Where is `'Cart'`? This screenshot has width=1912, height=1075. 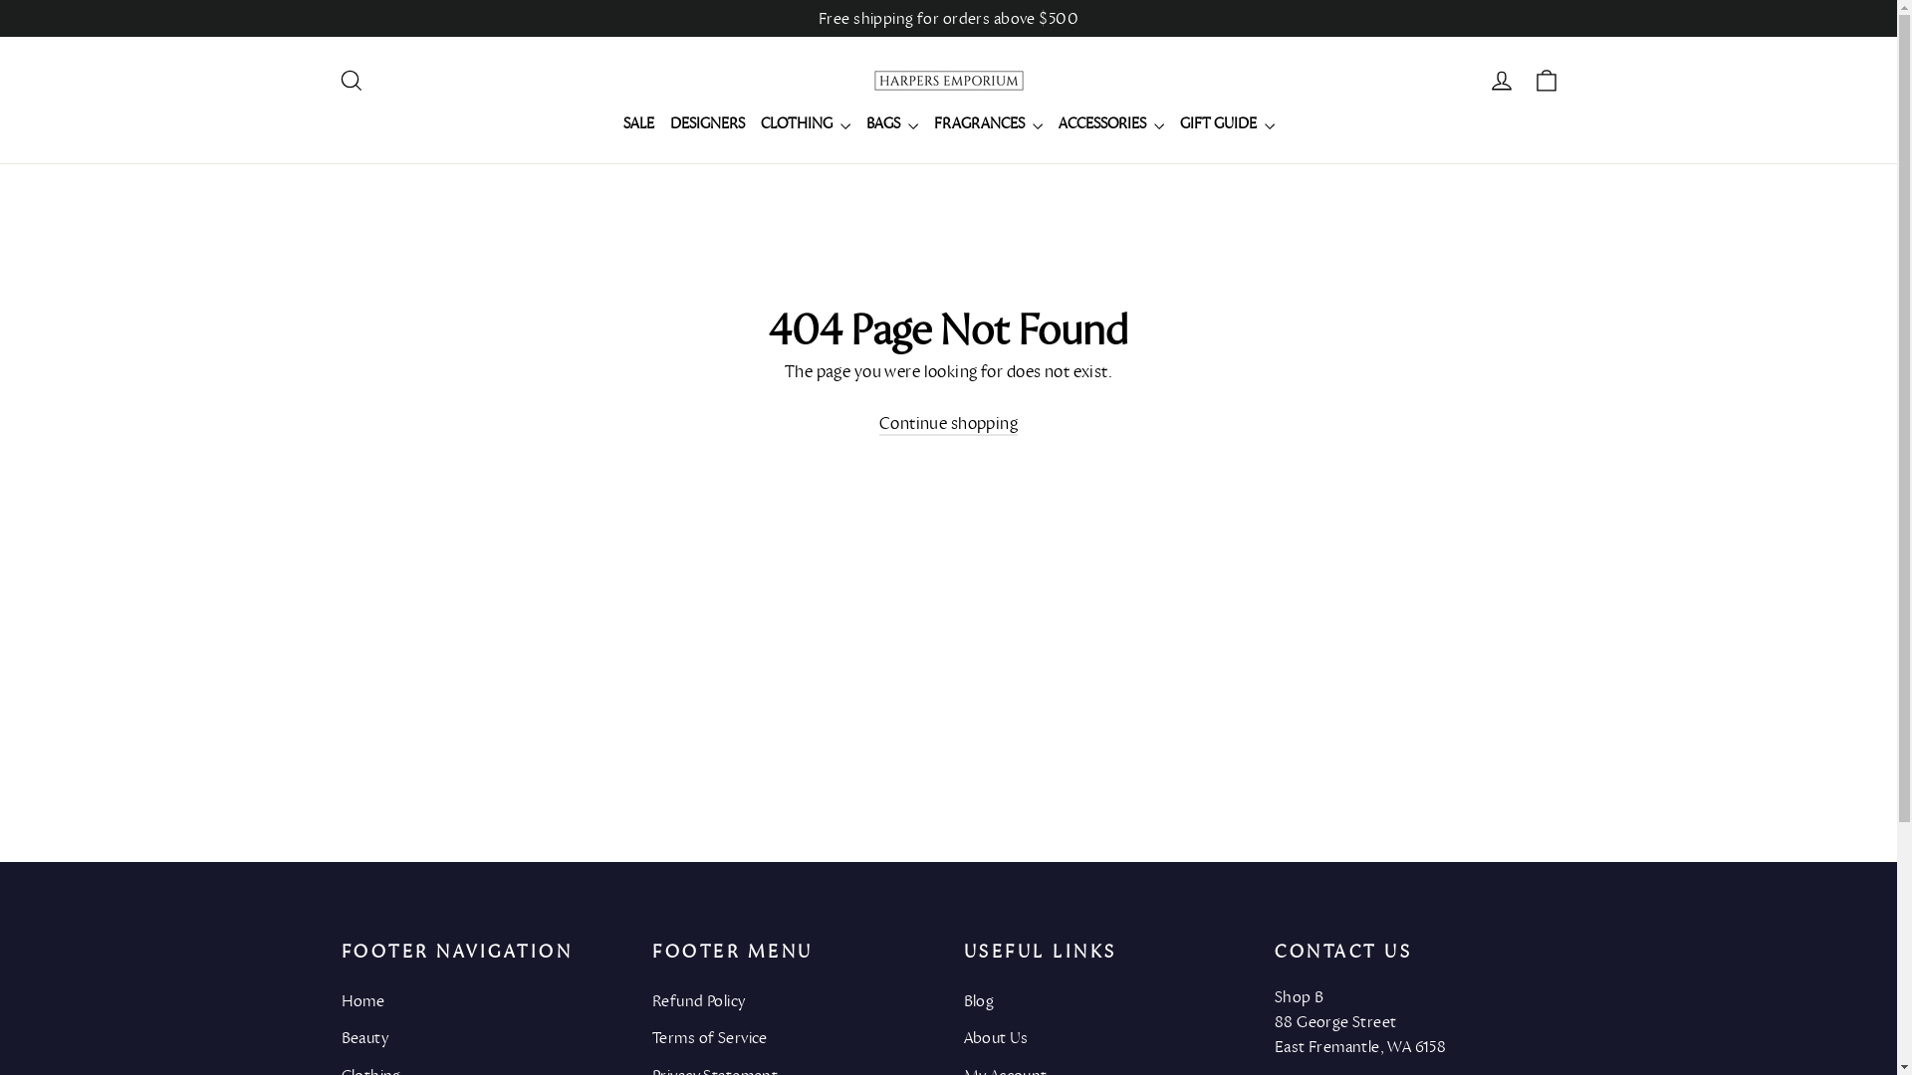
'Cart' is located at coordinates (1544, 80).